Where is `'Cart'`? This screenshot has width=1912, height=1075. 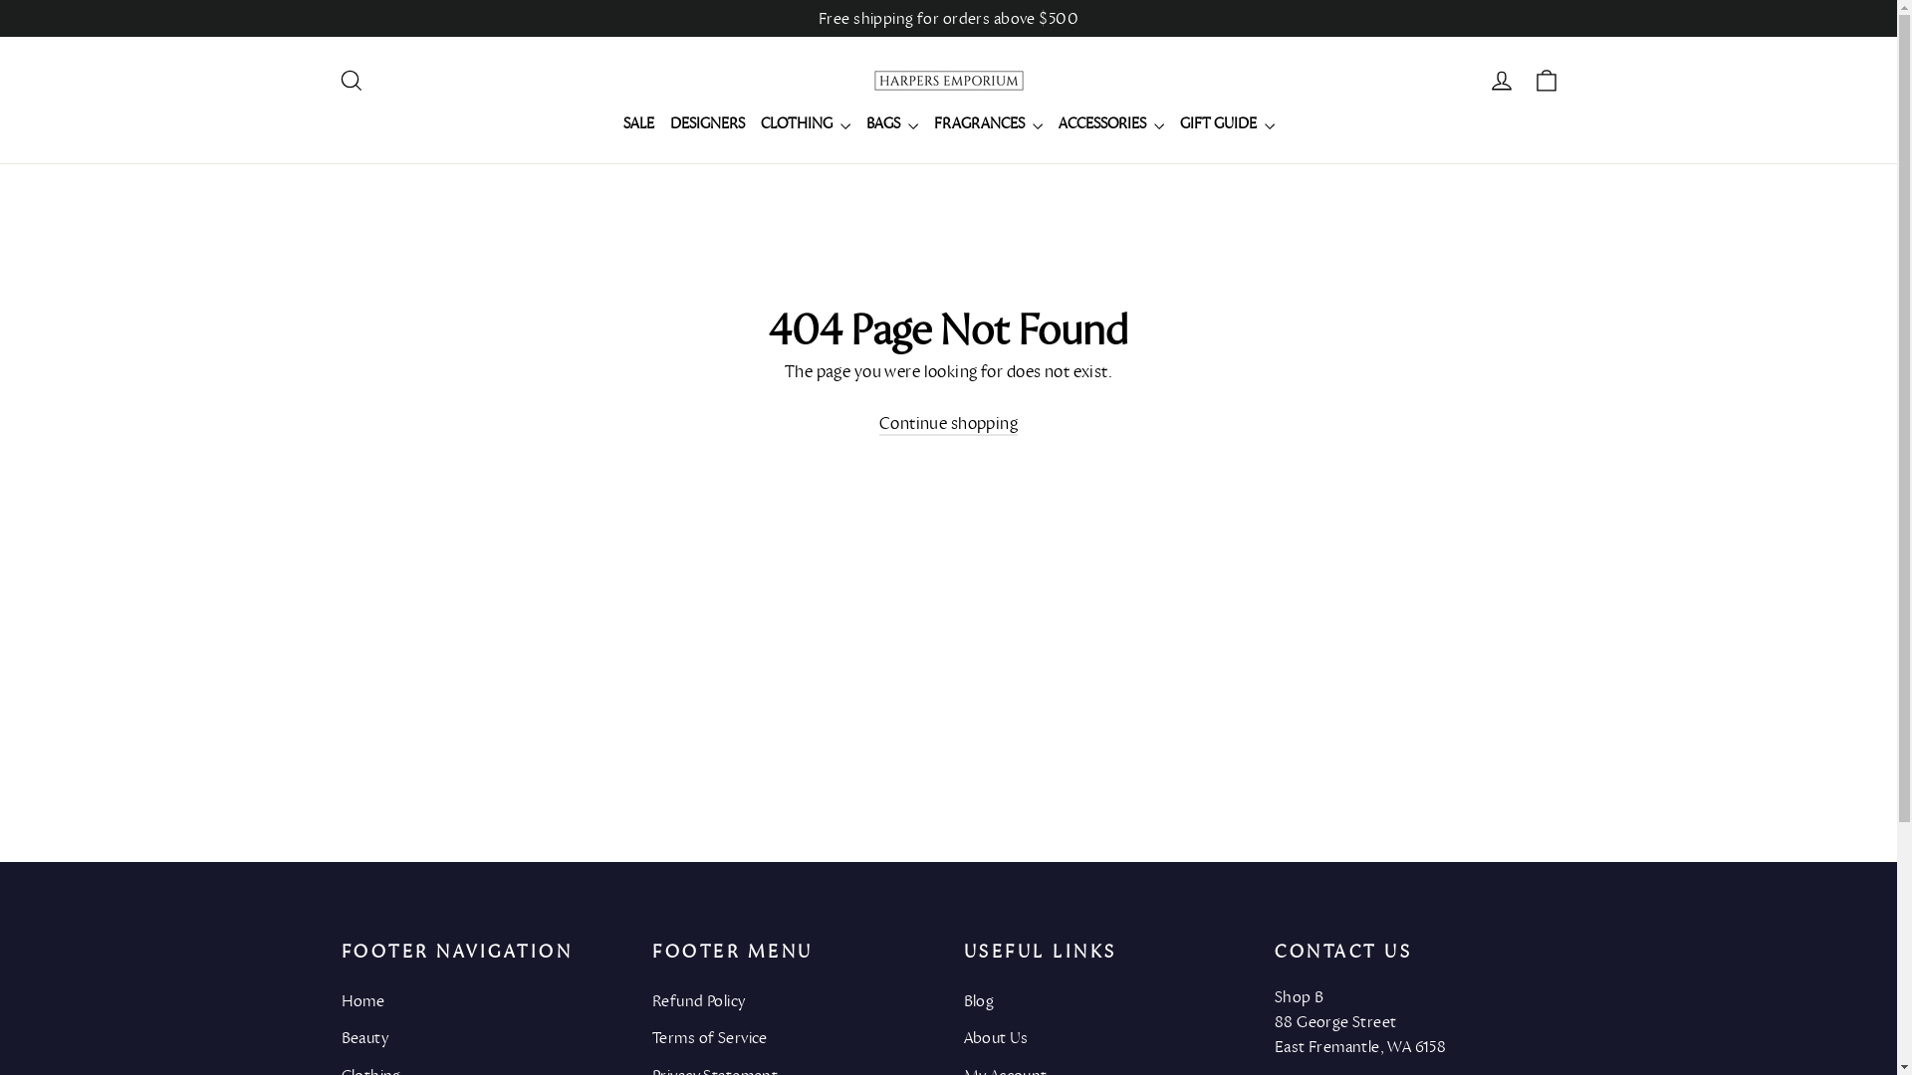
'Cart' is located at coordinates (1544, 80).